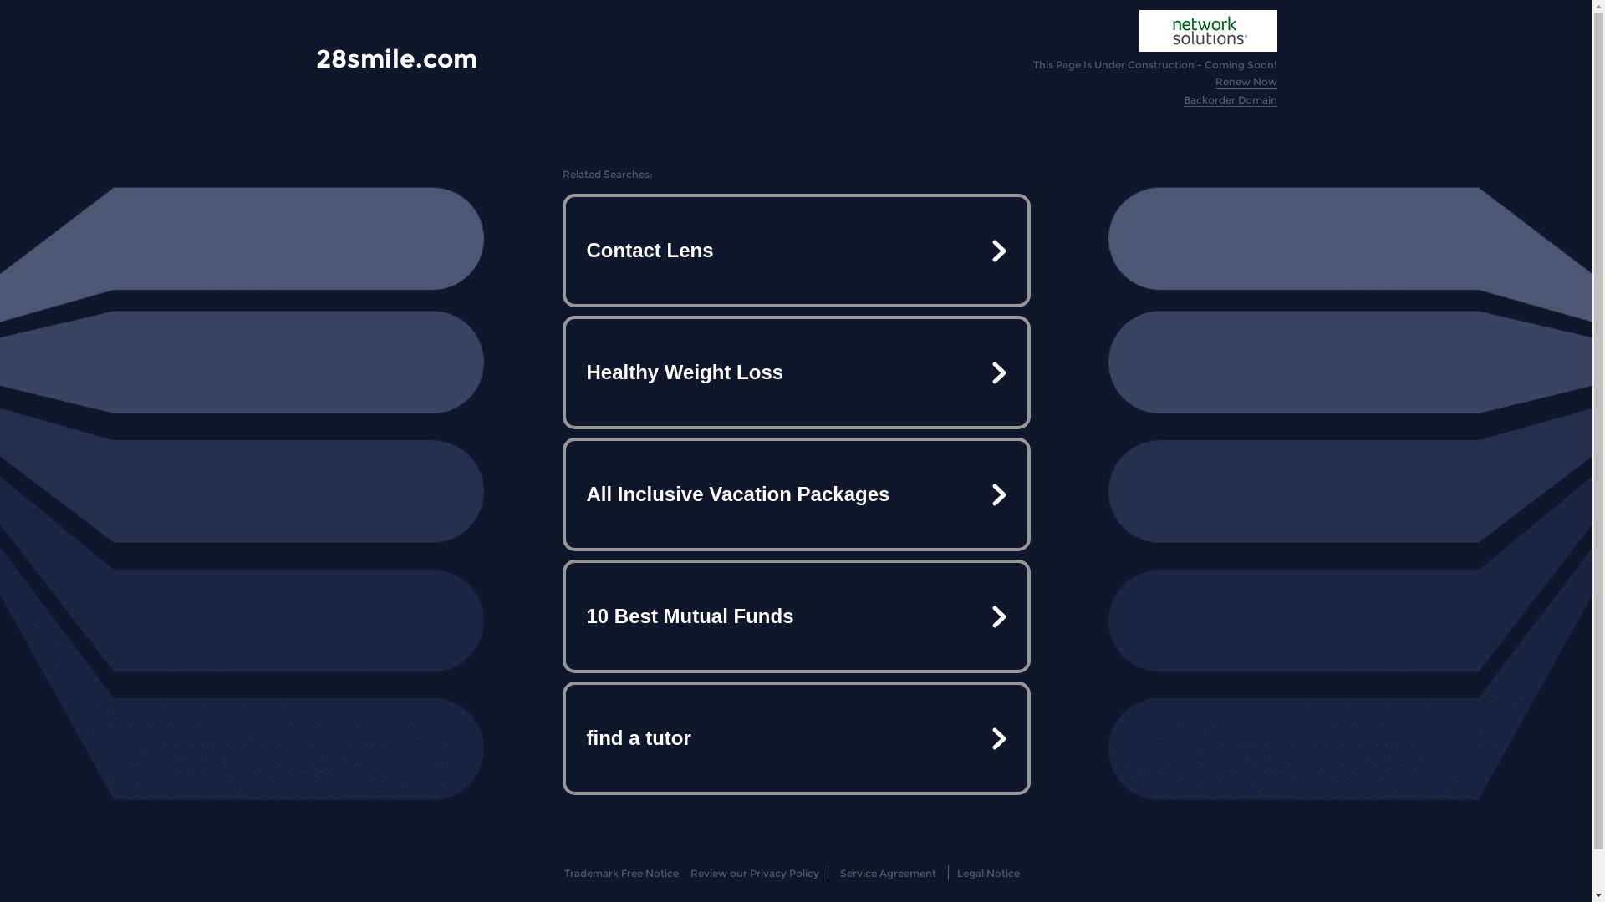 The image size is (1605, 902). What do you see at coordinates (887, 872) in the screenshot?
I see `'Service Agreement'` at bounding box center [887, 872].